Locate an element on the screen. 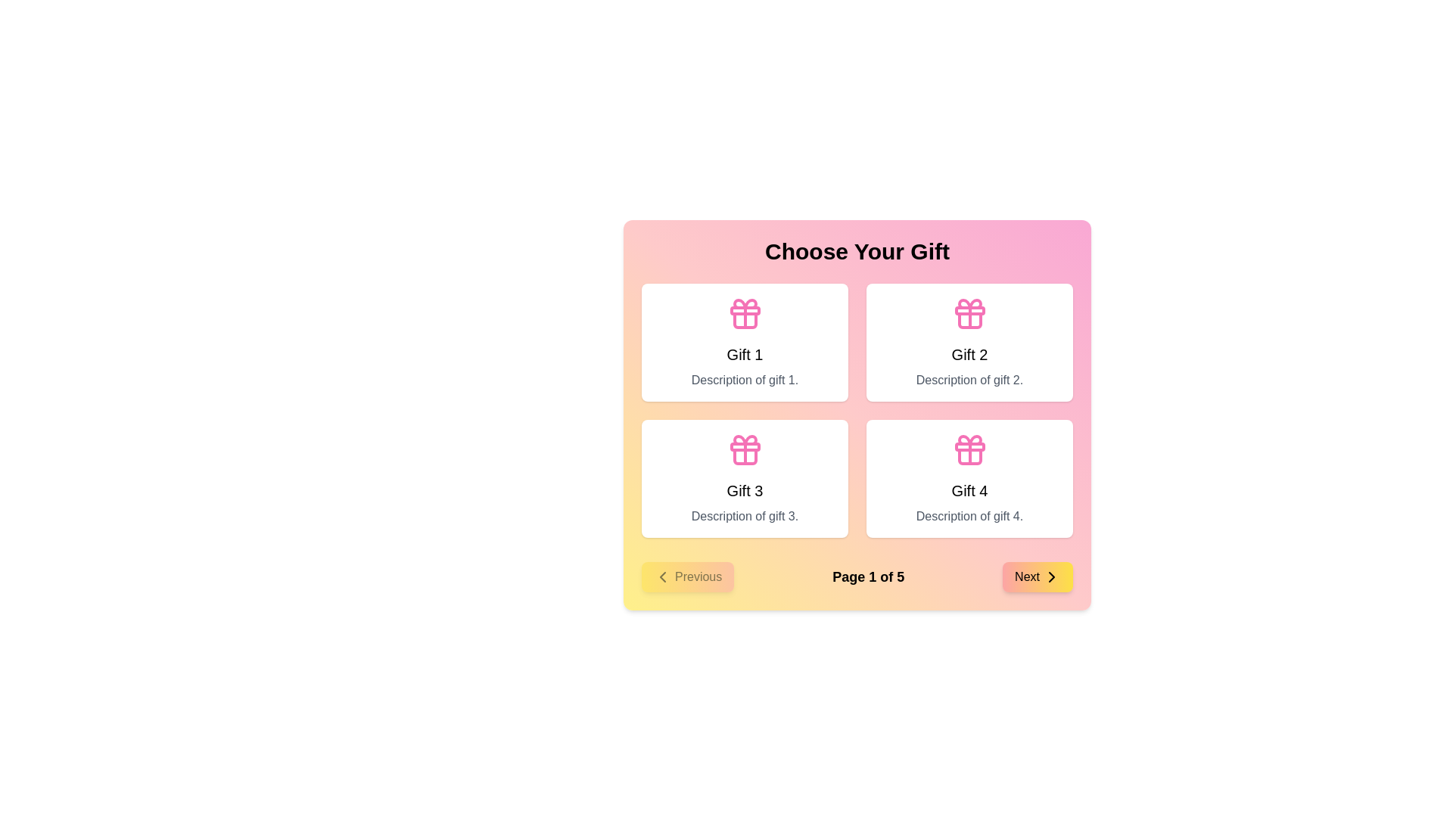  the Text label that provides a description for the first gift option presented in the list, located below the 'Gift 1' heading text and centrally aligned within the card is located at coordinates (745, 379).